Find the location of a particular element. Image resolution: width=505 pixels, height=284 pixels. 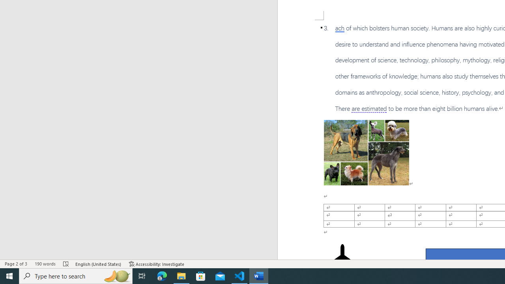

'Airplane with solid fill' is located at coordinates (342, 260).